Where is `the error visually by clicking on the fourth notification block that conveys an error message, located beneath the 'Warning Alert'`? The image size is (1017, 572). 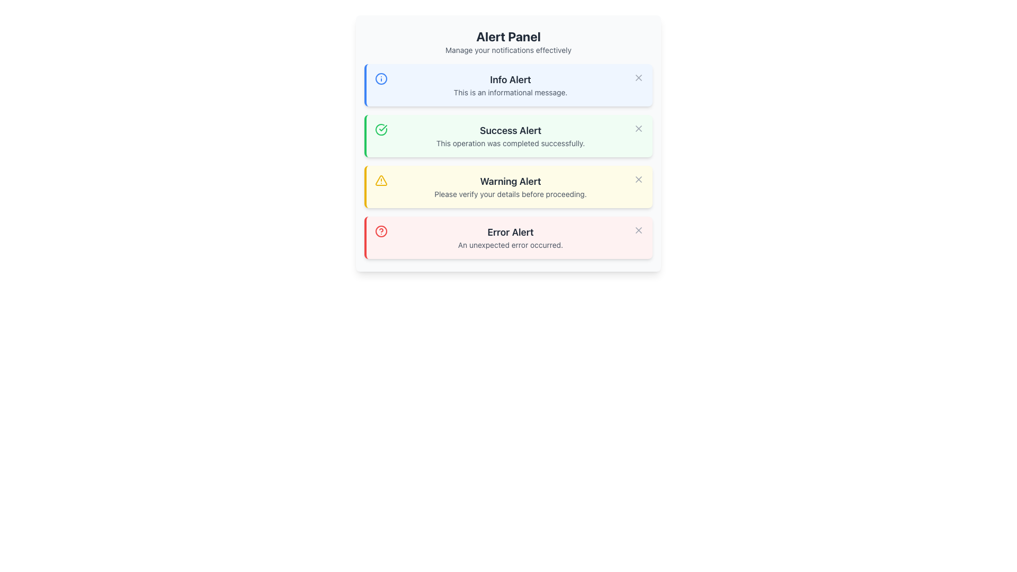 the error visually by clicking on the fourth notification block that conveys an error message, located beneath the 'Warning Alert' is located at coordinates (508, 237).